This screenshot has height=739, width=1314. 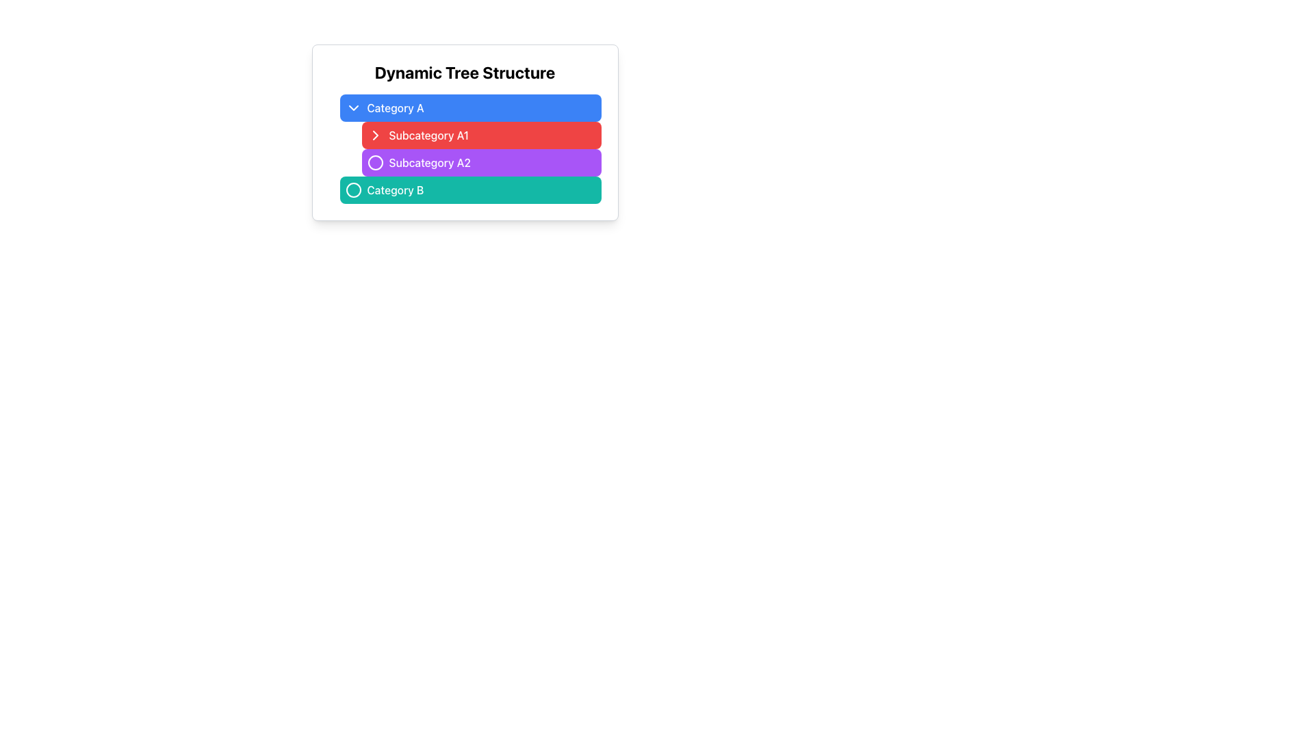 What do you see at coordinates (395, 107) in the screenshot?
I see `the blue button labeled 'Category A' which contains the text label identifying the 'Category A' node` at bounding box center [395, 107].